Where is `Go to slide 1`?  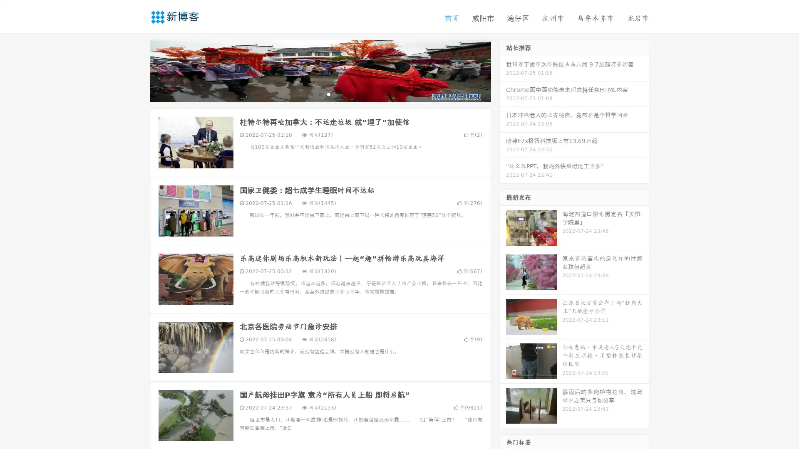
Go to slide 1 is located at coordinates (311, 94).